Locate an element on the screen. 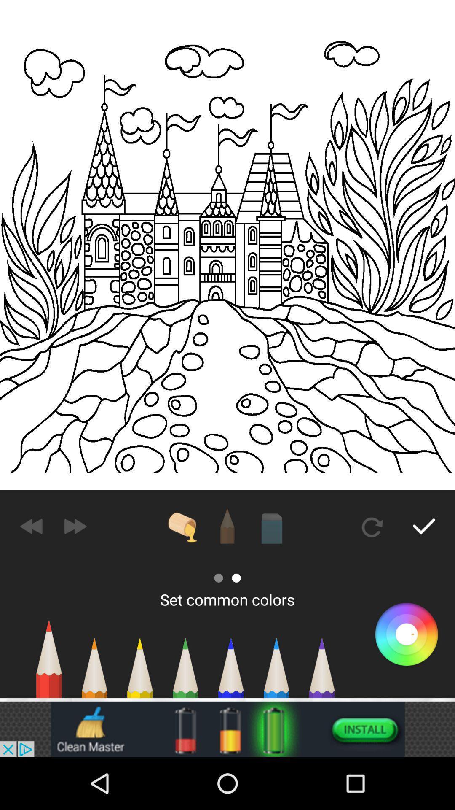 The image size is (455, 810). the refresh icon is located at coordinates (370, 563).